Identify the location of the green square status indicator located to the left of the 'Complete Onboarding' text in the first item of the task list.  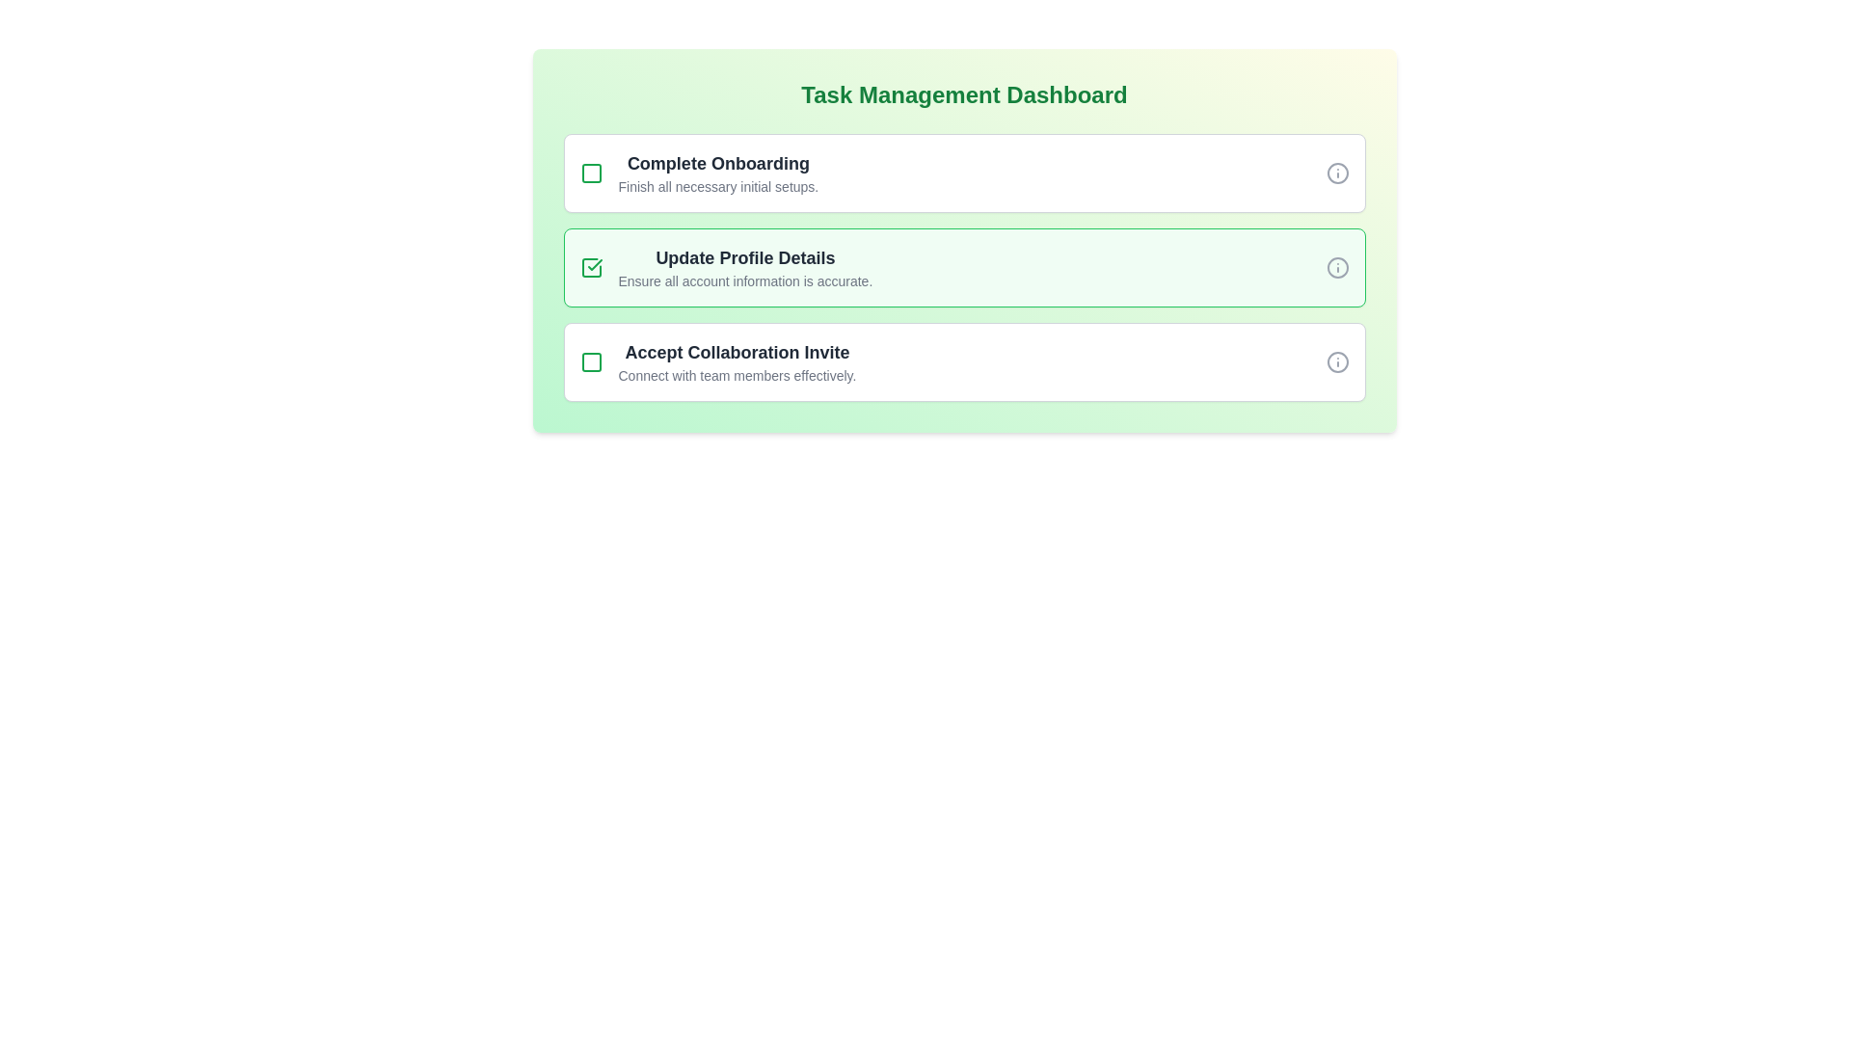
(590, 173).